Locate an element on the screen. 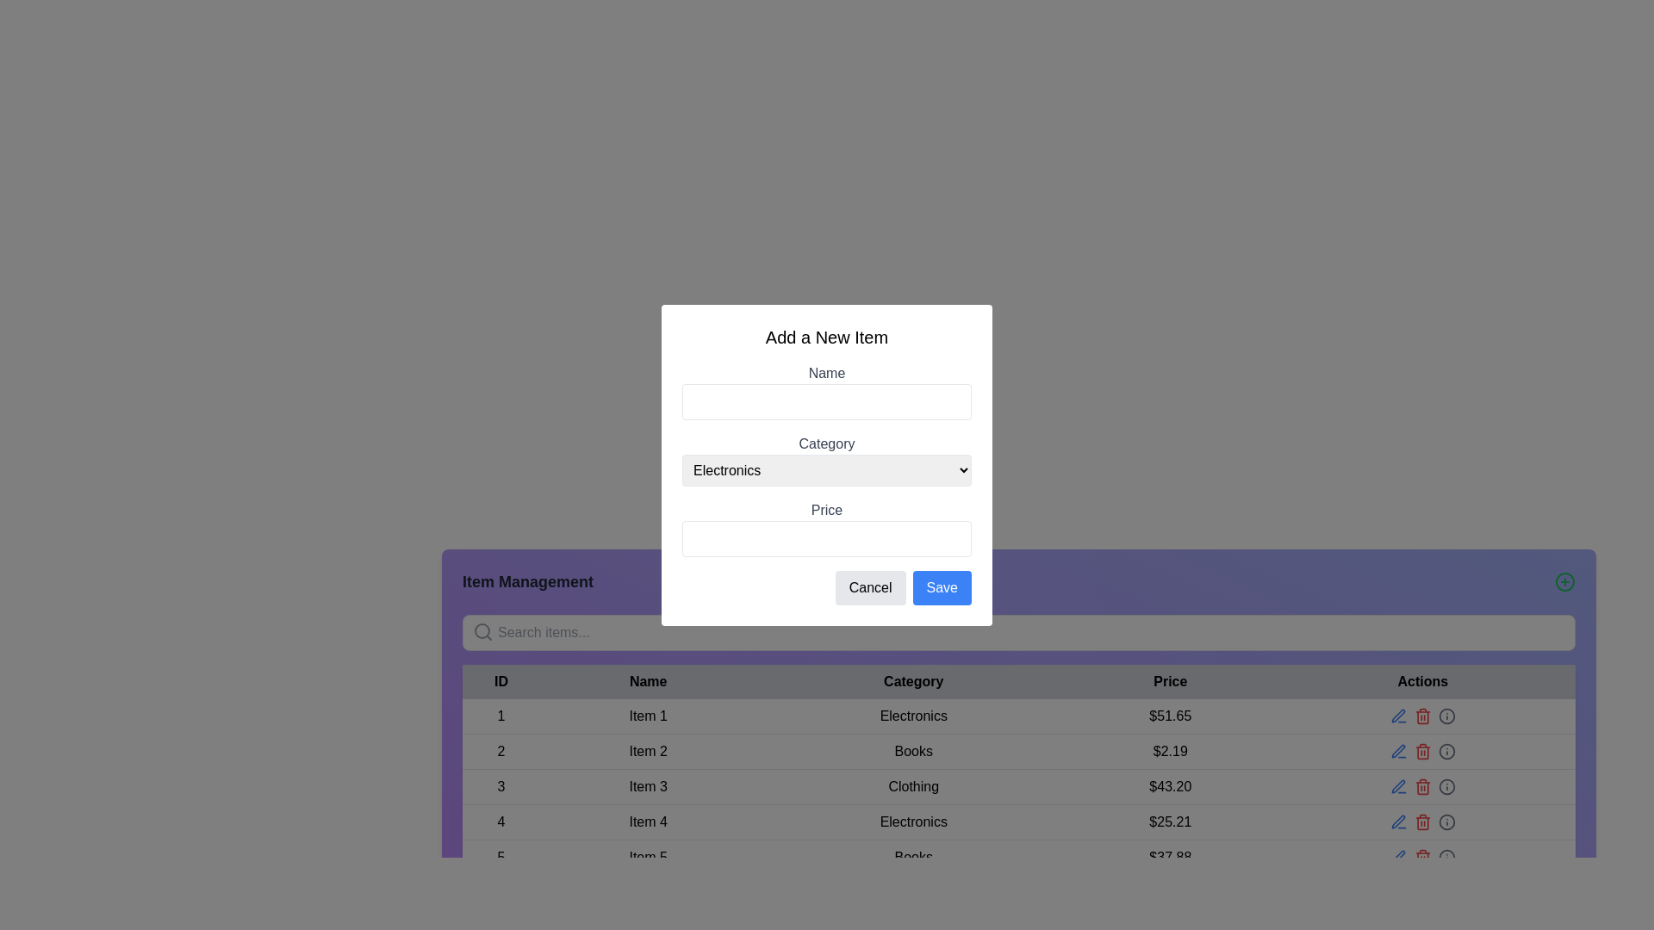 The width and height of the screenshot is (1654, 930). the red trash icon button, which is positioned third from the left in the 'Actions' column of the table, indicating its purpose for deletion is located at coordinates (1422, 892).